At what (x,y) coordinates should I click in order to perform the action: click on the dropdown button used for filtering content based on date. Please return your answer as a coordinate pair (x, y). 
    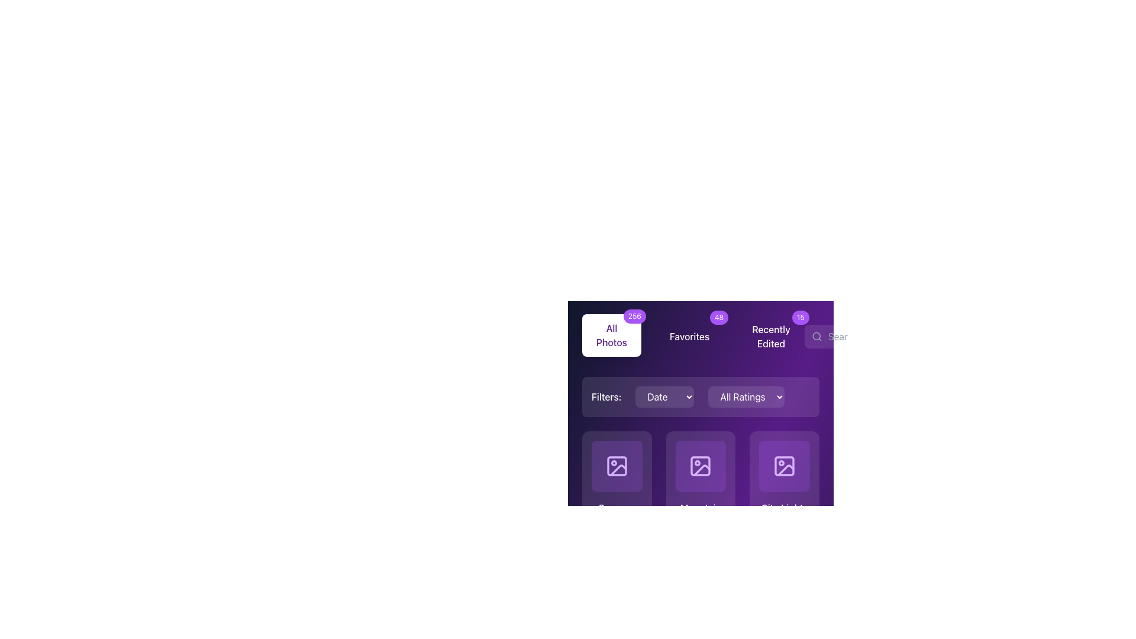
    Looking at the image, I should click on (664, 397).